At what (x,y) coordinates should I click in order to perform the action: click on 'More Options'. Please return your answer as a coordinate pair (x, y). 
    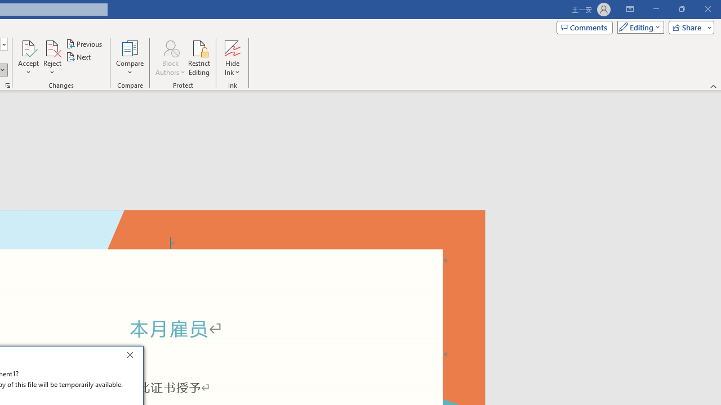
    Looking at the image, I should click on (232, 68).